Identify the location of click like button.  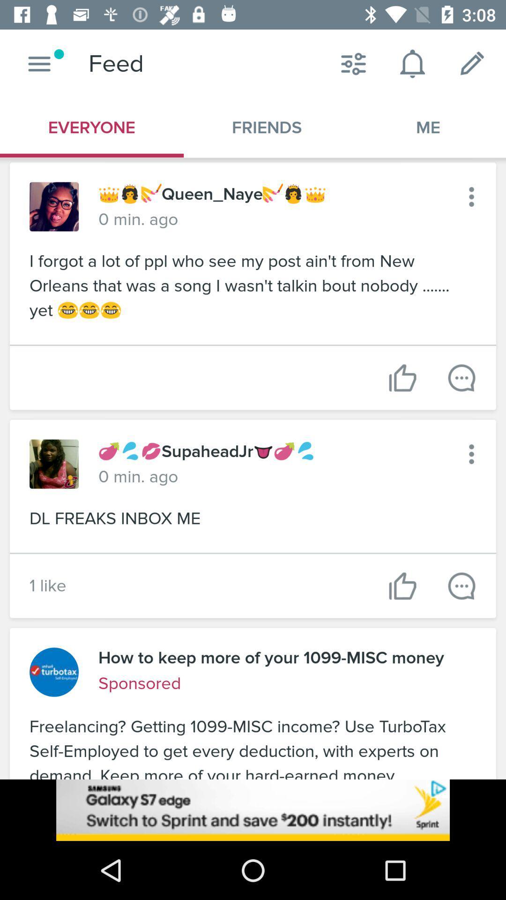
(461, 585).